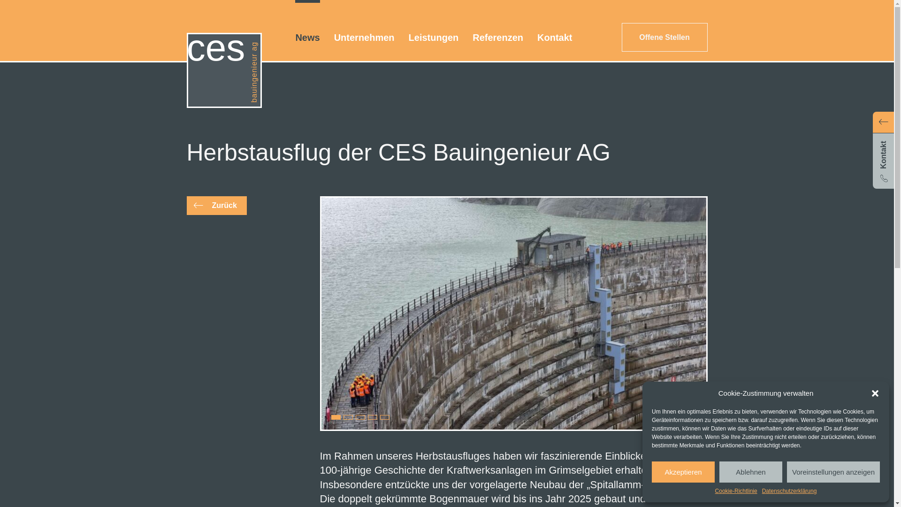  Describe the element at coordinates (348, 416) in the screenshot. I see `'2'` at that location.